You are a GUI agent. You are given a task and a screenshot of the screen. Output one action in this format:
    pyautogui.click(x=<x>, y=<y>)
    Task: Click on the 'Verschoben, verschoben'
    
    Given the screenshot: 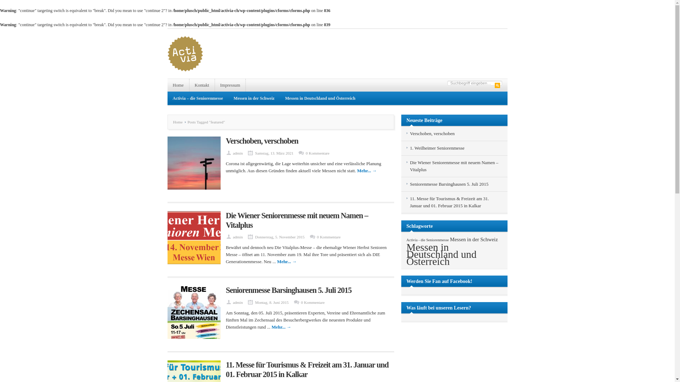 What is the action you would take?
    pyautogui.click(x=262, y=141)
    